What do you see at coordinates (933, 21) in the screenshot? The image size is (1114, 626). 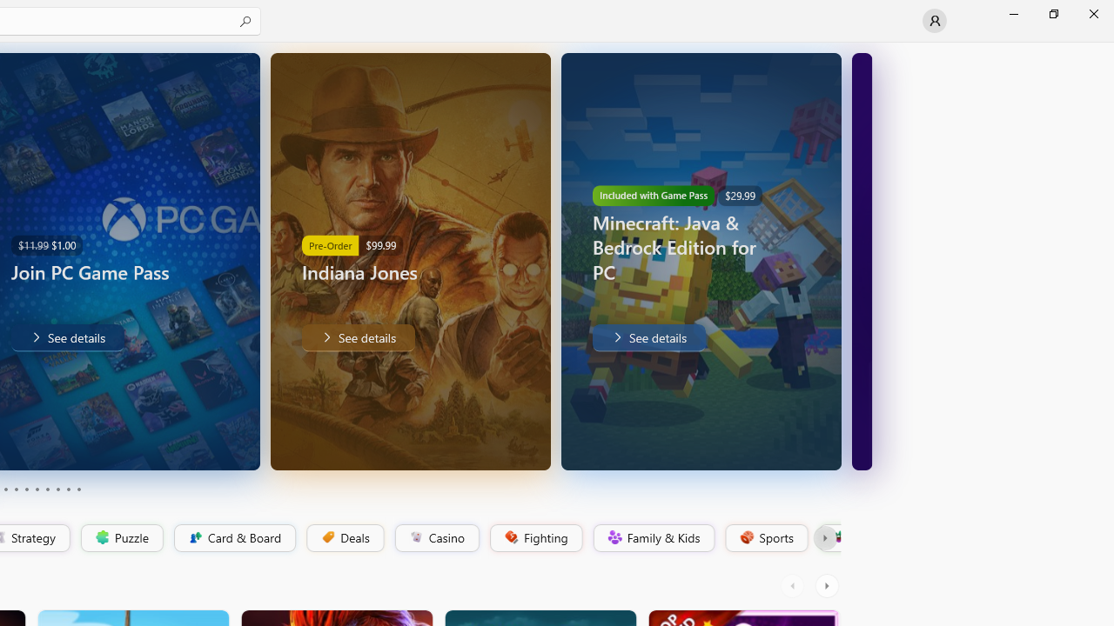 I see `'User profile'` at bounding box center [933, 21].